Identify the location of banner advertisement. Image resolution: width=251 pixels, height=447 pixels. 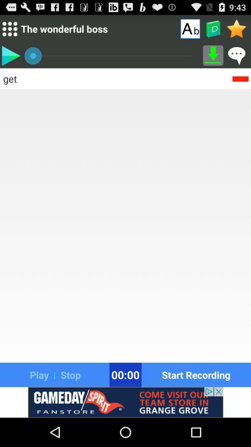
(125, 402).